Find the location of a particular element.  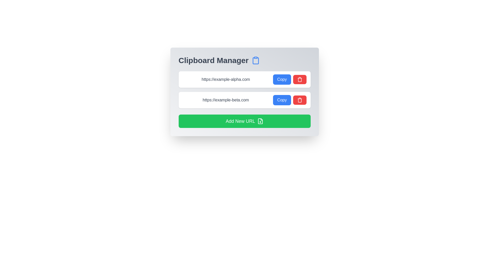

the text label displaying the URL 'https://example-alpha.com' in gray font, located in the clipboard management interface before the 'Copy' button and trash icon is located at coordinates (226, 79).